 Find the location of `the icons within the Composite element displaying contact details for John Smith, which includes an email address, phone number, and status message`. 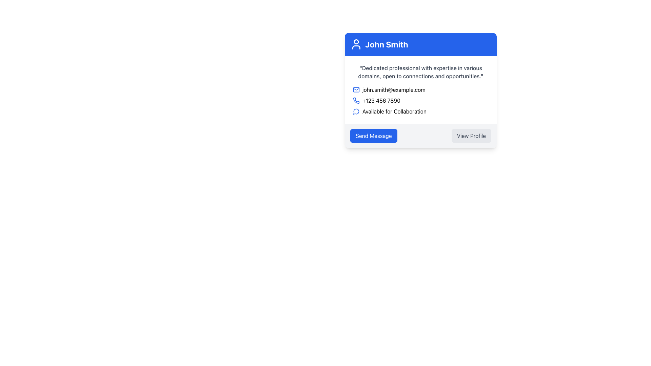

the icons within the Composite element displaying contact details for John Smith, which includes an email address, phone number, and status message is located at coordinates (420, 101).